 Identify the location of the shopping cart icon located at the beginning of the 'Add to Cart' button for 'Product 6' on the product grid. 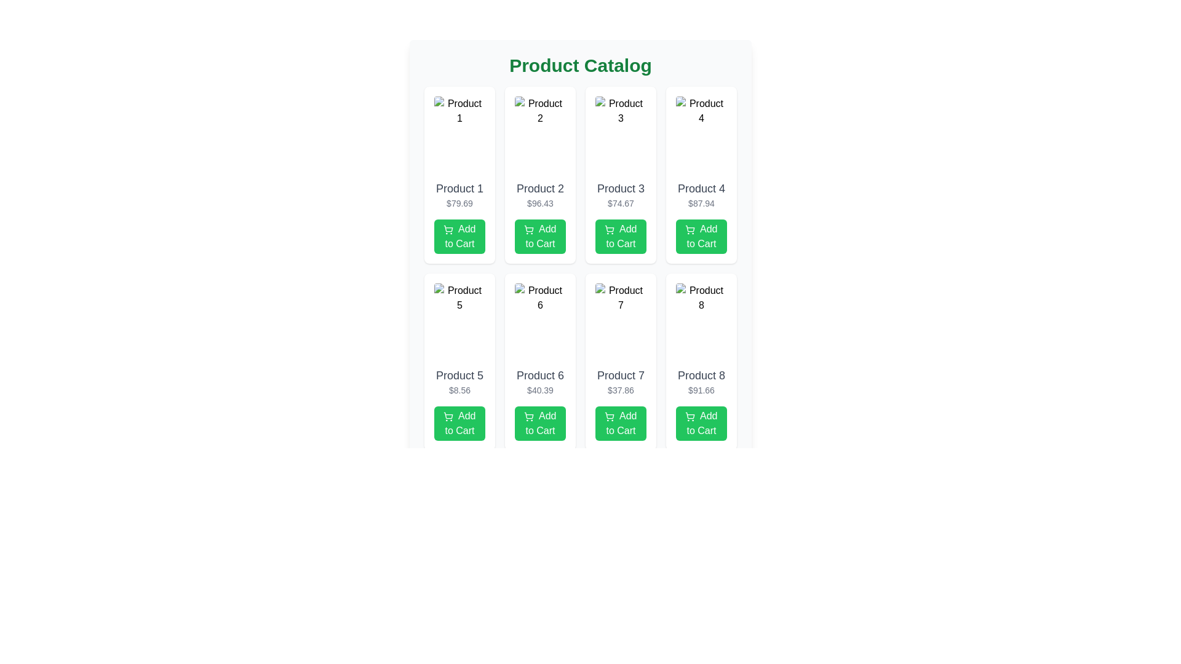
(529, 415).